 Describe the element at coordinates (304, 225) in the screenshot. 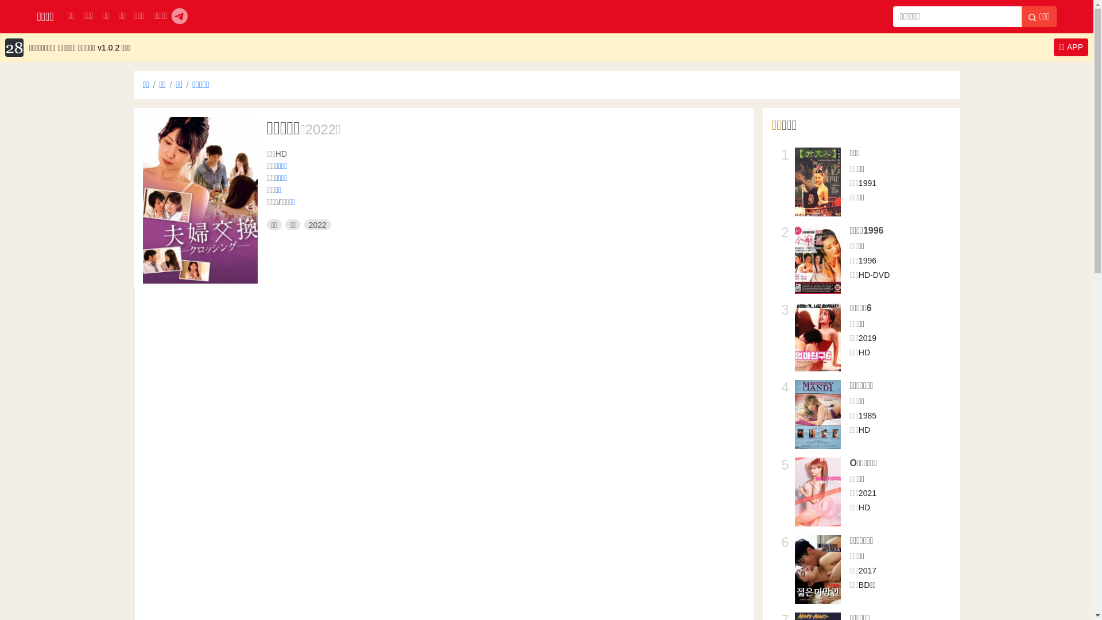

I see `'2022'` at that location.